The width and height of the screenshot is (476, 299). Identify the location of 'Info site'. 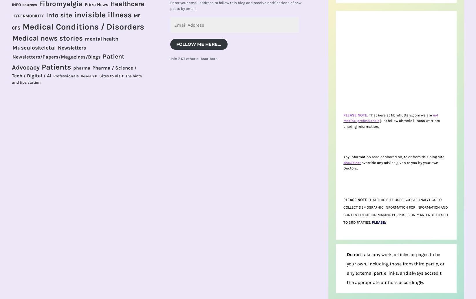
(45, 15).